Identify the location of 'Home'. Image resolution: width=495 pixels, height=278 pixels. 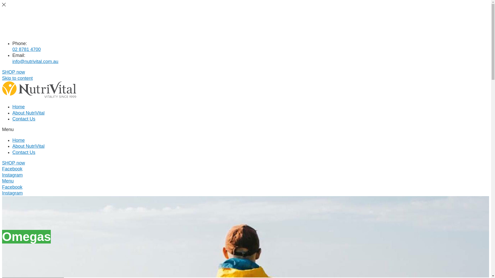
(12, 107).